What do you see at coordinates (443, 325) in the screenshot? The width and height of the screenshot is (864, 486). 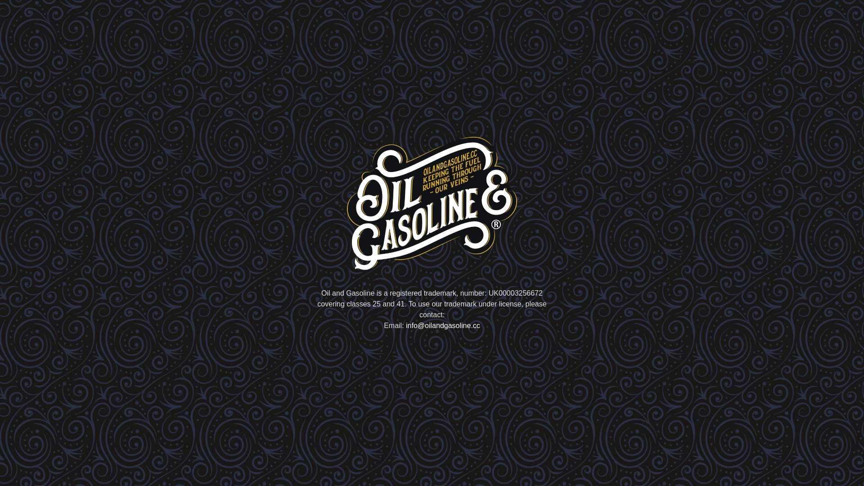 I see `'info@oilandgasoline.cc'` at bounding box center [443, 325].